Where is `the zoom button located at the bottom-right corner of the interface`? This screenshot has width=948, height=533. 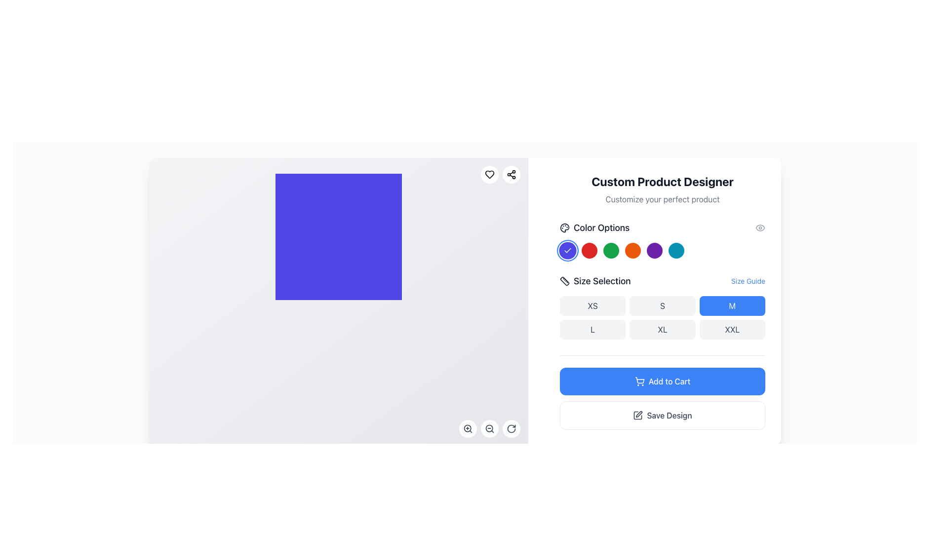
the zoom button located at the bottom-right corner of the interface is located at coordinates (468, 428).